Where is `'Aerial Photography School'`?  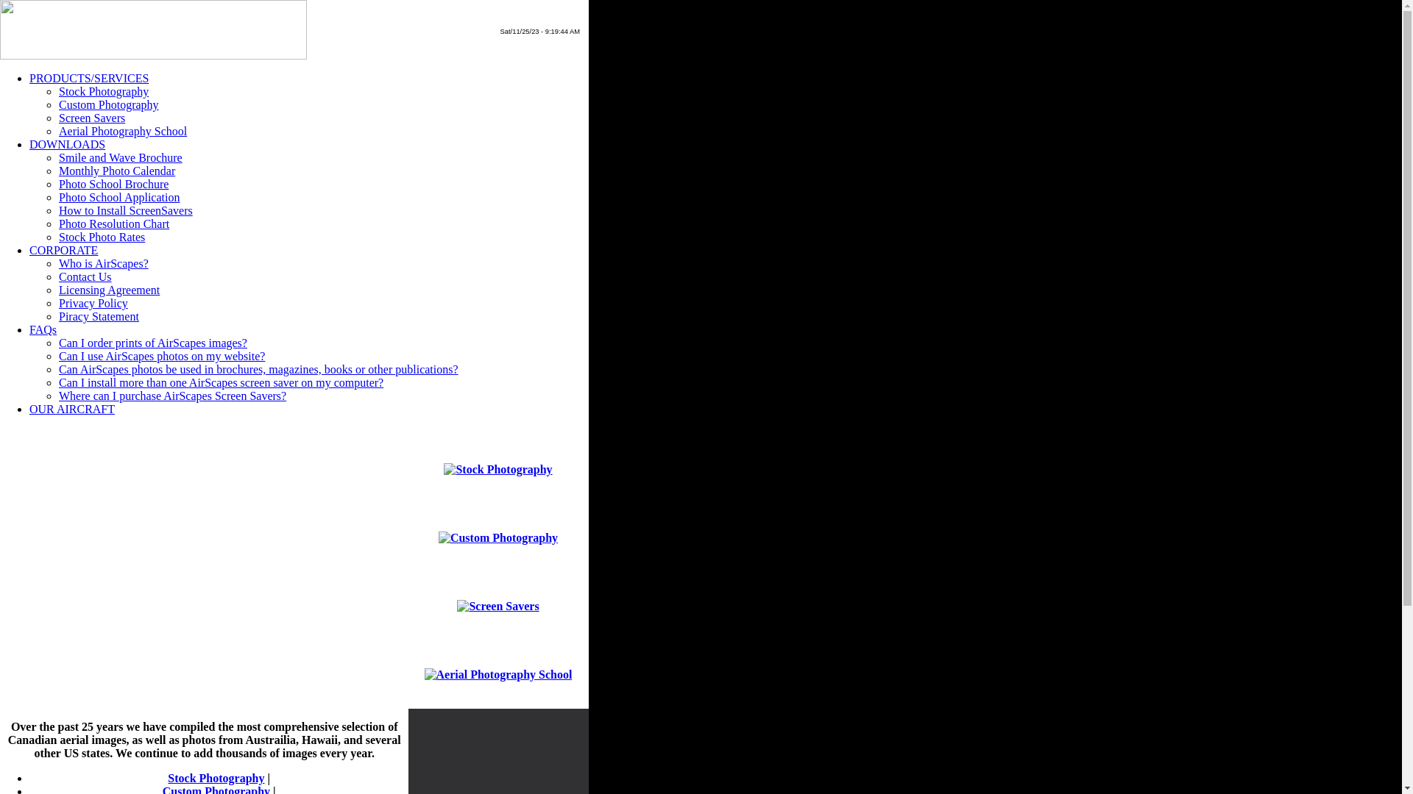
'Aerial Photography School' is located at coordinates (123, 130).